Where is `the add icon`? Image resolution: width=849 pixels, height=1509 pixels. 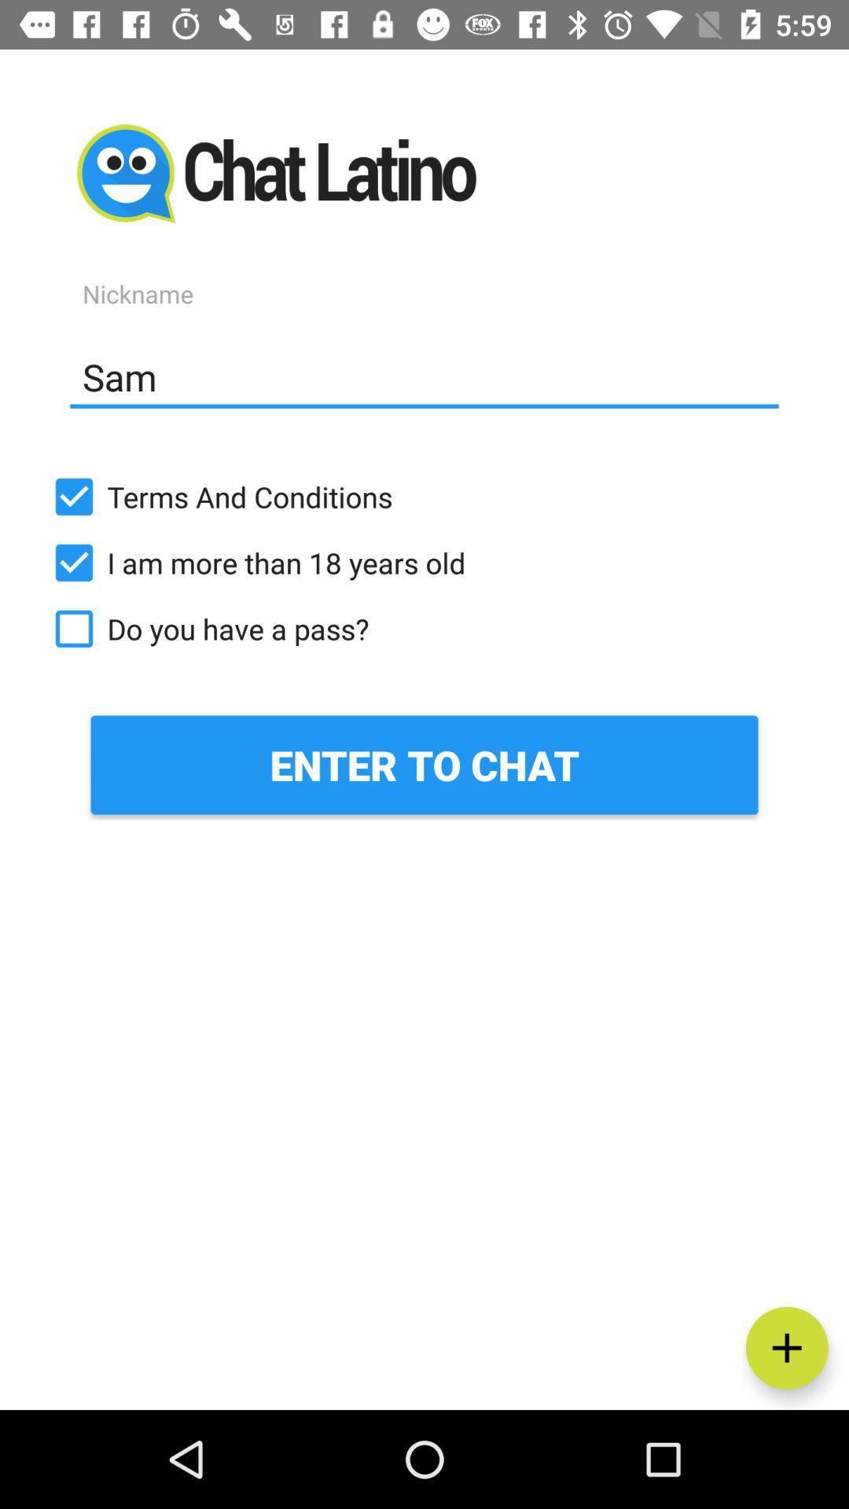 the add icon is located at coordinates (787, 1347).